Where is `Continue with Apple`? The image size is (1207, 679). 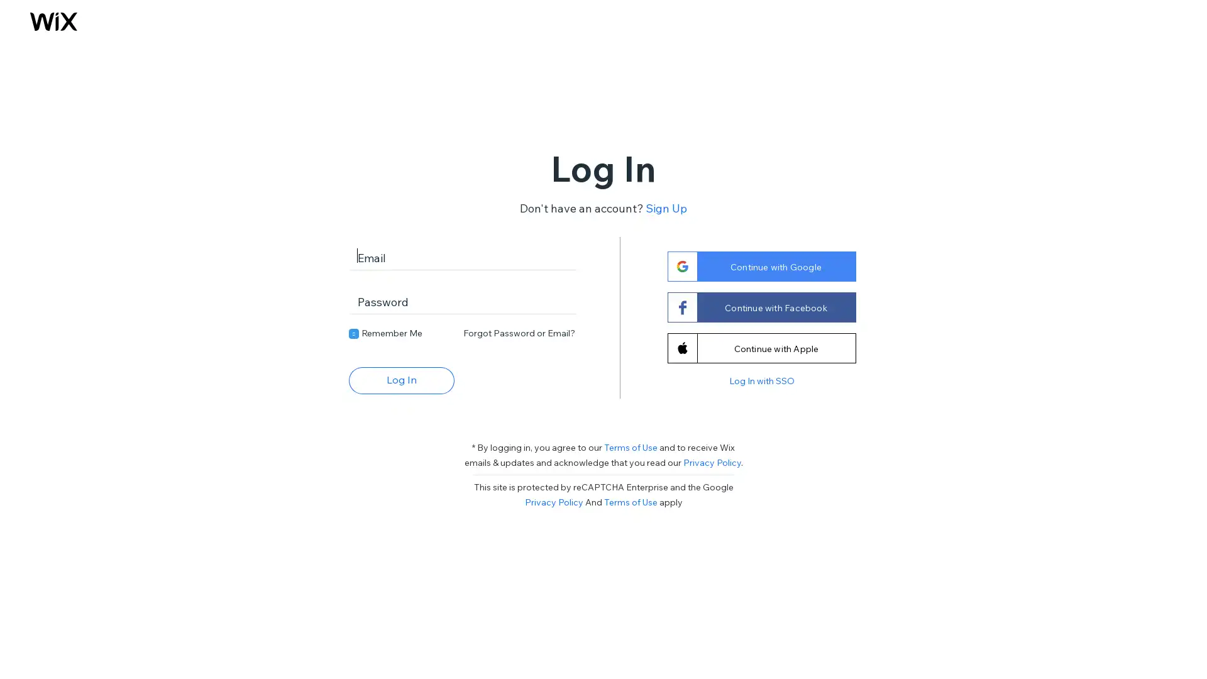
Continue with Apple is located at coordinates (760, 347).